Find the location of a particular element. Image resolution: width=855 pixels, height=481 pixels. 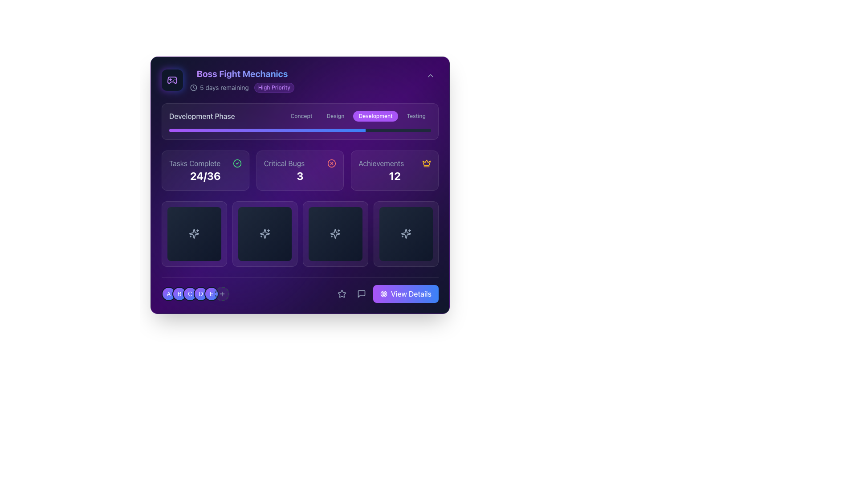

the 'Concept' button is located at coordinates (301, 116).